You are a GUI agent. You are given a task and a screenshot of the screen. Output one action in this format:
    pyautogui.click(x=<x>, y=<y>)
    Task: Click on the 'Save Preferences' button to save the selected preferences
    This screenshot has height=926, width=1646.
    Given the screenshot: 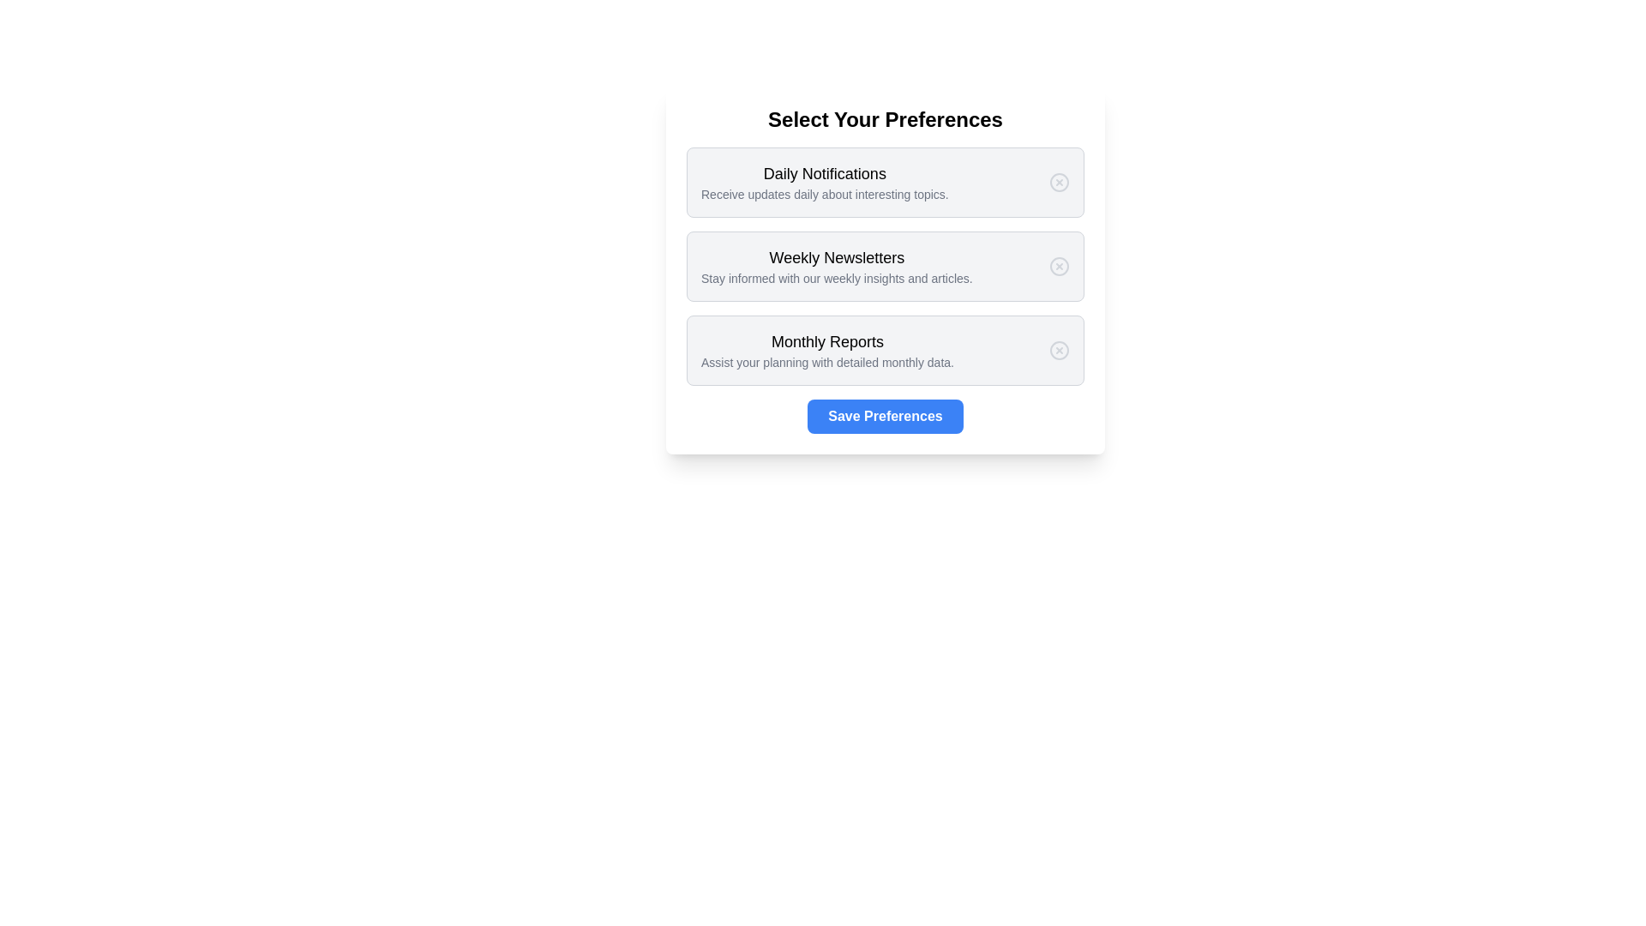 What is the action you would take?
    pyautogui.click(x=885, y=417)
    